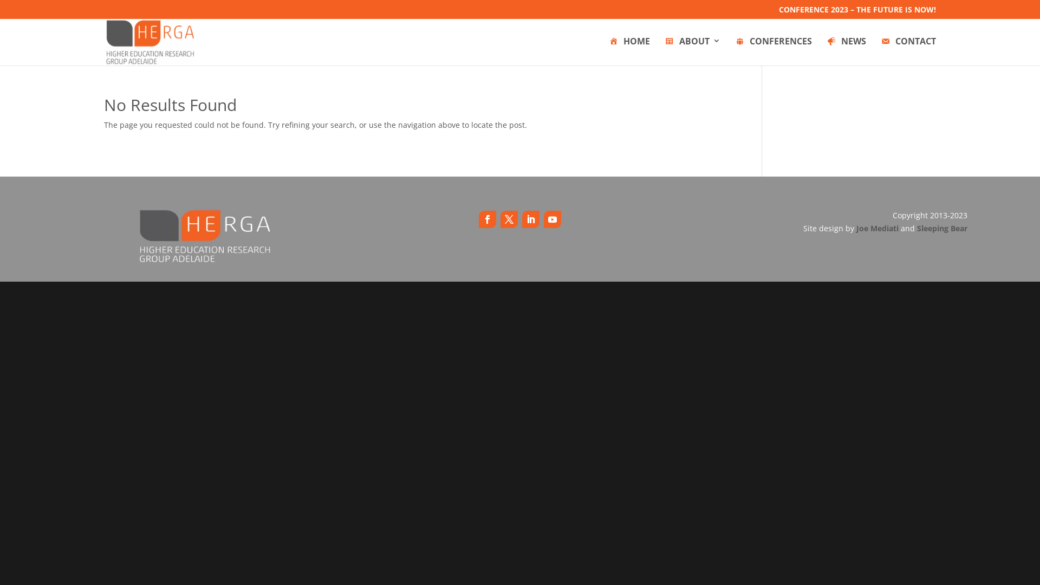 The image size is (1040, 585). Describe the element at coordinates (205, 236) in the screenshot. I see `'5646_295215163954568_1650703540_n'` at that location.